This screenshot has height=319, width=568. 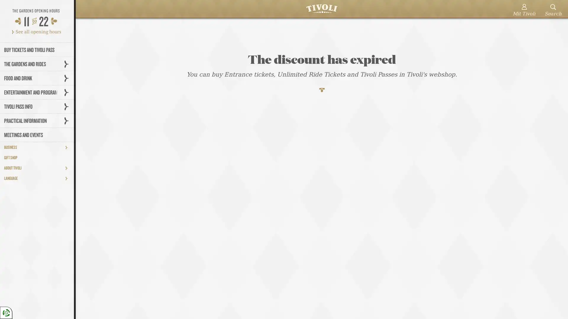 I want to click on Food and drink, so click(x=68, y=78).